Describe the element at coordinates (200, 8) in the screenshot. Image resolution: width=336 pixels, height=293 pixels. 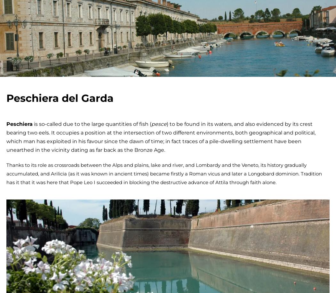
I see `'link - get inspired'` at that location.